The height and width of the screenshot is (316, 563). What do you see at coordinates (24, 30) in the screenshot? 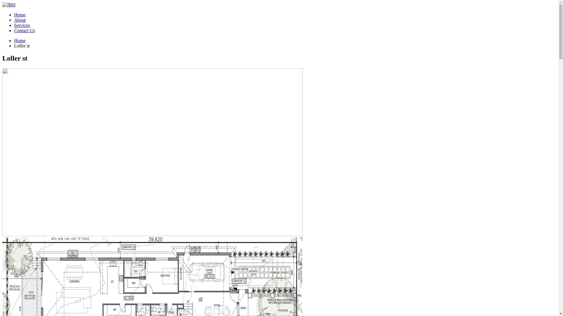
I see `'Contact Us'` at bounding box center [24, 30].